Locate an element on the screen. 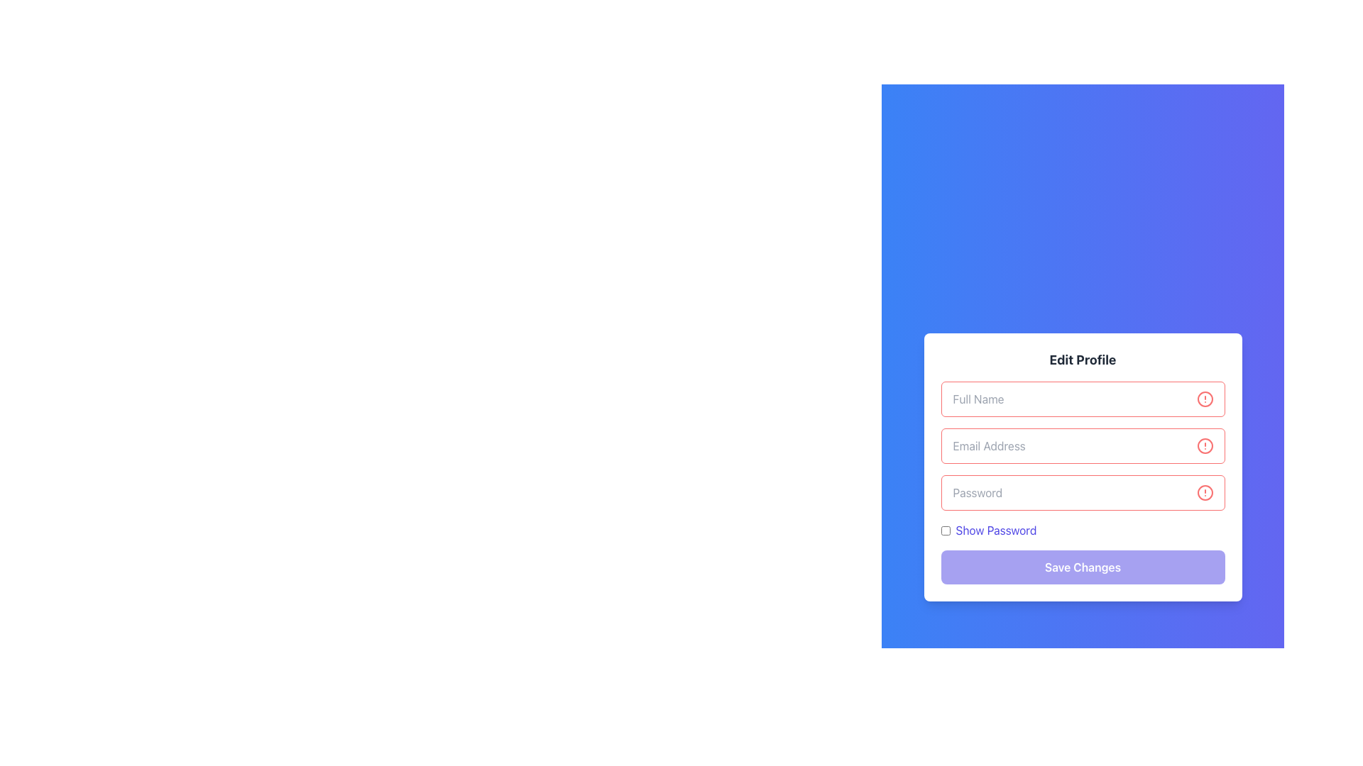 Image resolution: width=1363 pixels, height=766 pixels. the checkbox labeled 'Show Password' located below the 'Password' input field in the 'Edit Profile' form is located at coordinates (987, 531).